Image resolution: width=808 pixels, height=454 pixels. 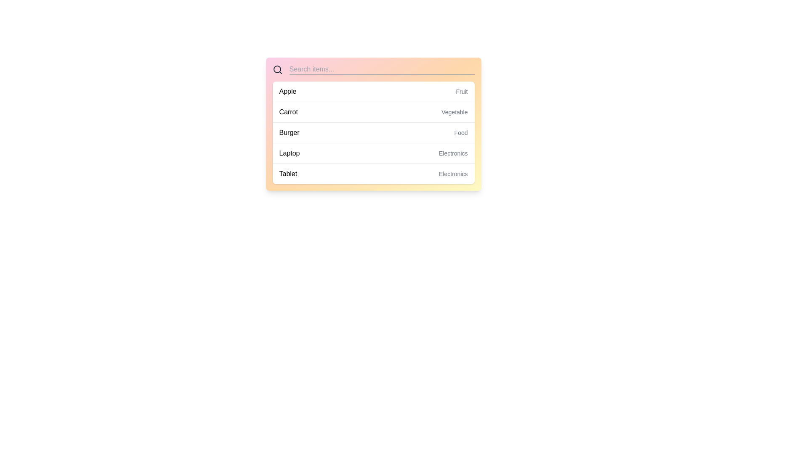 What do you see at coordinates (453, 173) in the screenshot?
I see `the 'Electronics' text label, which is a smaller, light-gray font indicating a secondary detail in the 'Tablet' row of the list` at bounding box center [453, 173].